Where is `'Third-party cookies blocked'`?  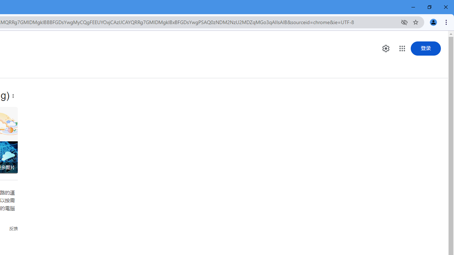 'Third-party cookies blocked' is located at coordinates (404, 22).